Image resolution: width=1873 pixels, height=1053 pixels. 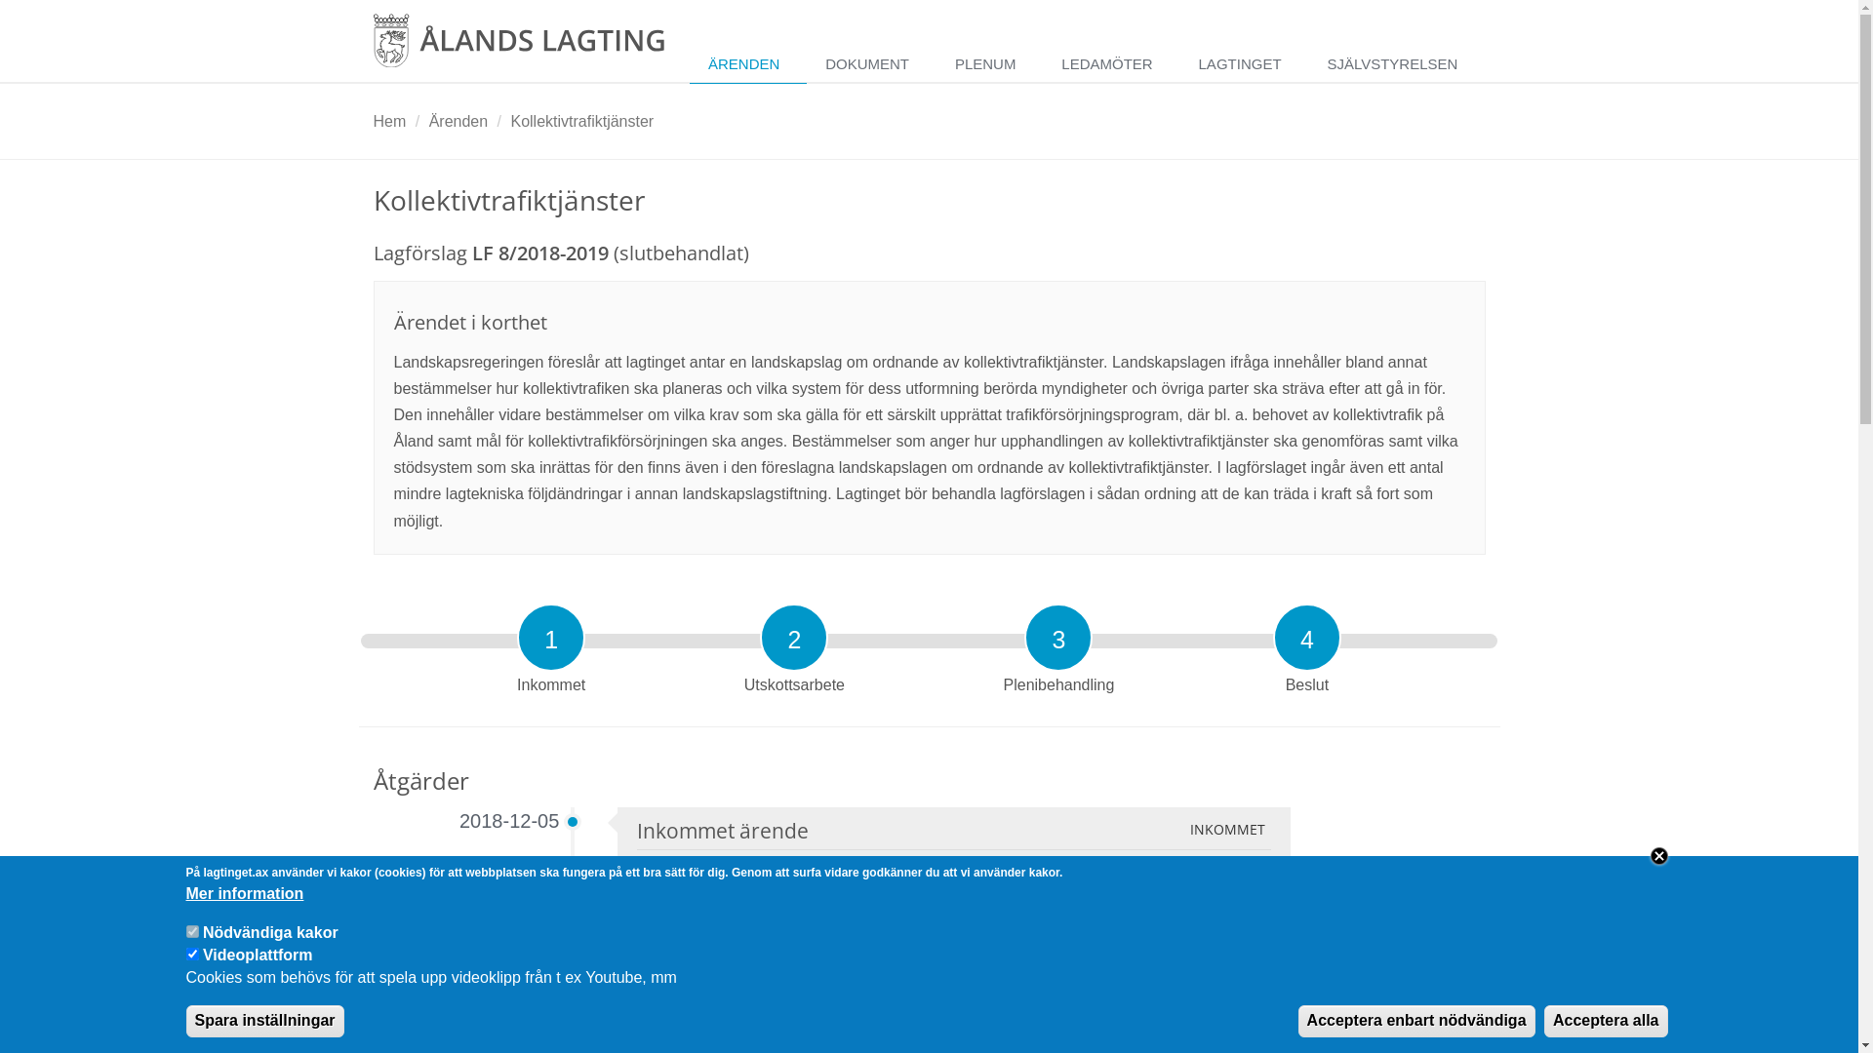 What do you see at coordinates (388, 121) in the screenshot?
I see `'Hem'` at bounding box center [388, 121].